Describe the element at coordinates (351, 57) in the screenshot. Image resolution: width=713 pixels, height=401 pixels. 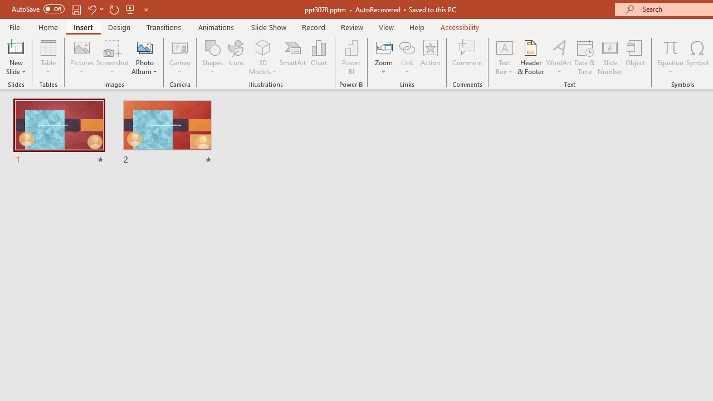
I see `'Power BI'` at that location.